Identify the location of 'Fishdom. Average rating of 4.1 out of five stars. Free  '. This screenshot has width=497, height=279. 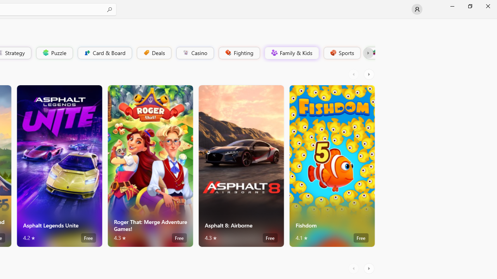
(332, 165).